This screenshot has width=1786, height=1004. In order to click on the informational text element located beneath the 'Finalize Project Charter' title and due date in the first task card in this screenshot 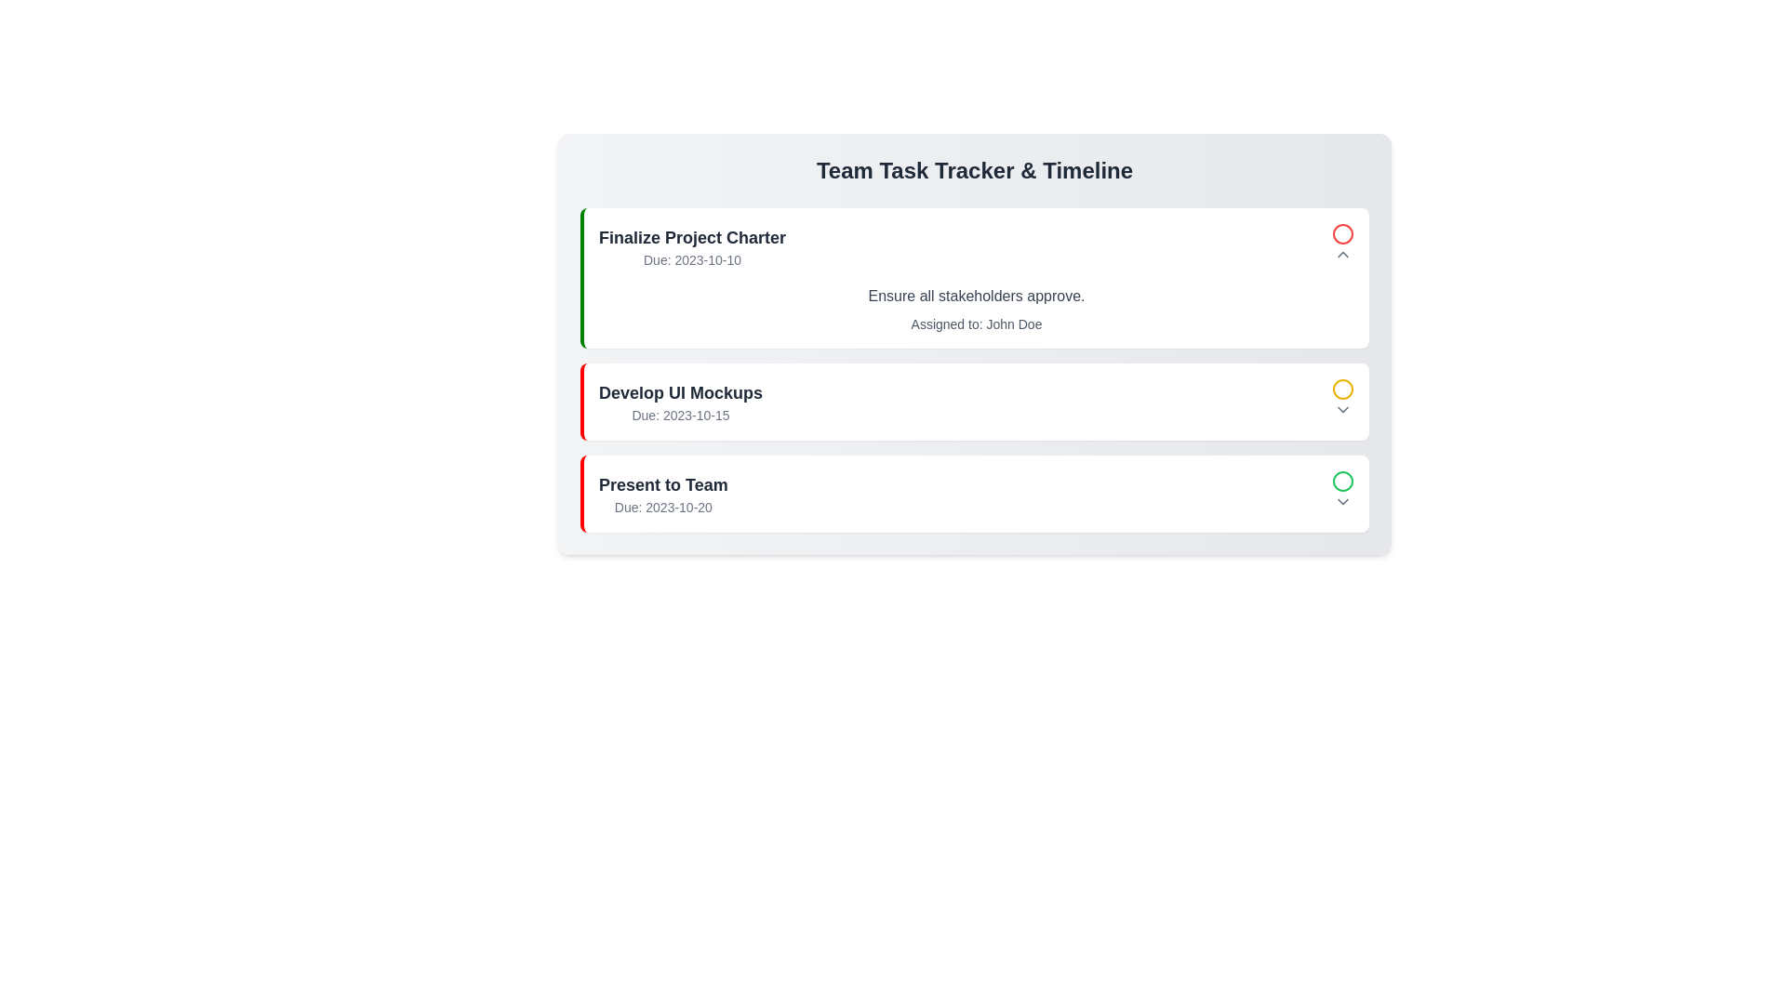, I will do `click(976, 296)`.